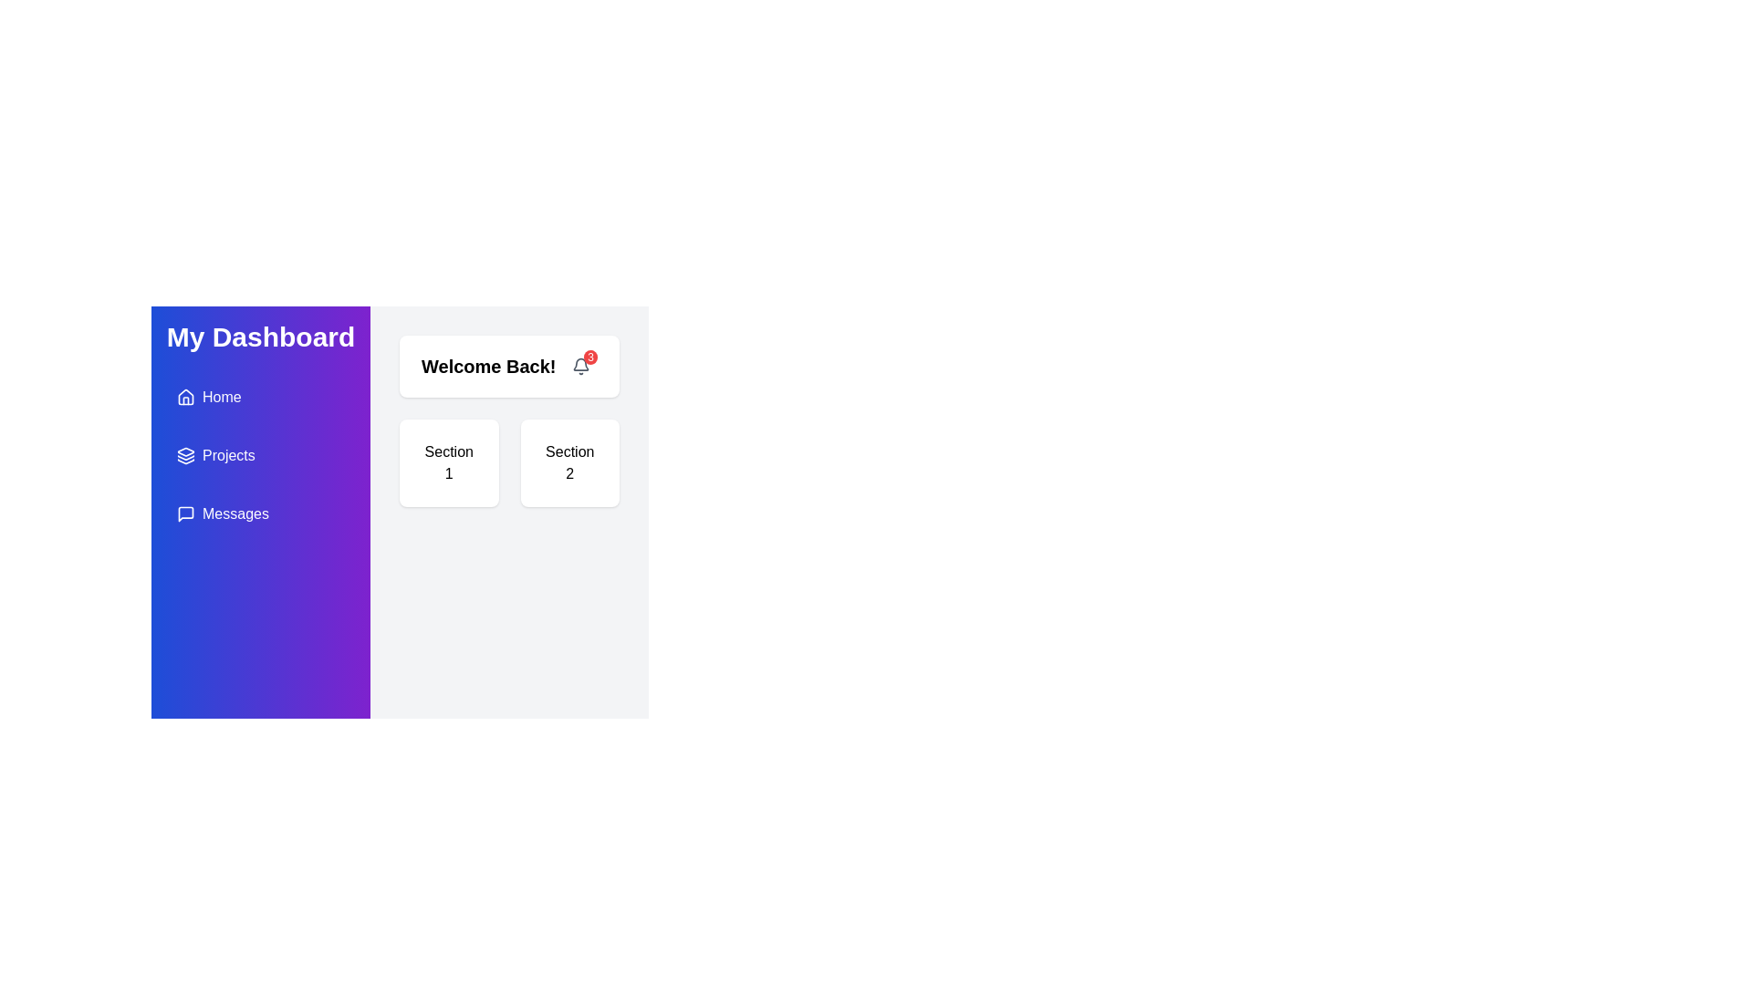  Describe the element at coordinates (260, 455) in the screenshot. I see `the 'Projects' button located in the left sidebar, positioned directly below the 'Home' button and above the 'Messages' button` at that location.